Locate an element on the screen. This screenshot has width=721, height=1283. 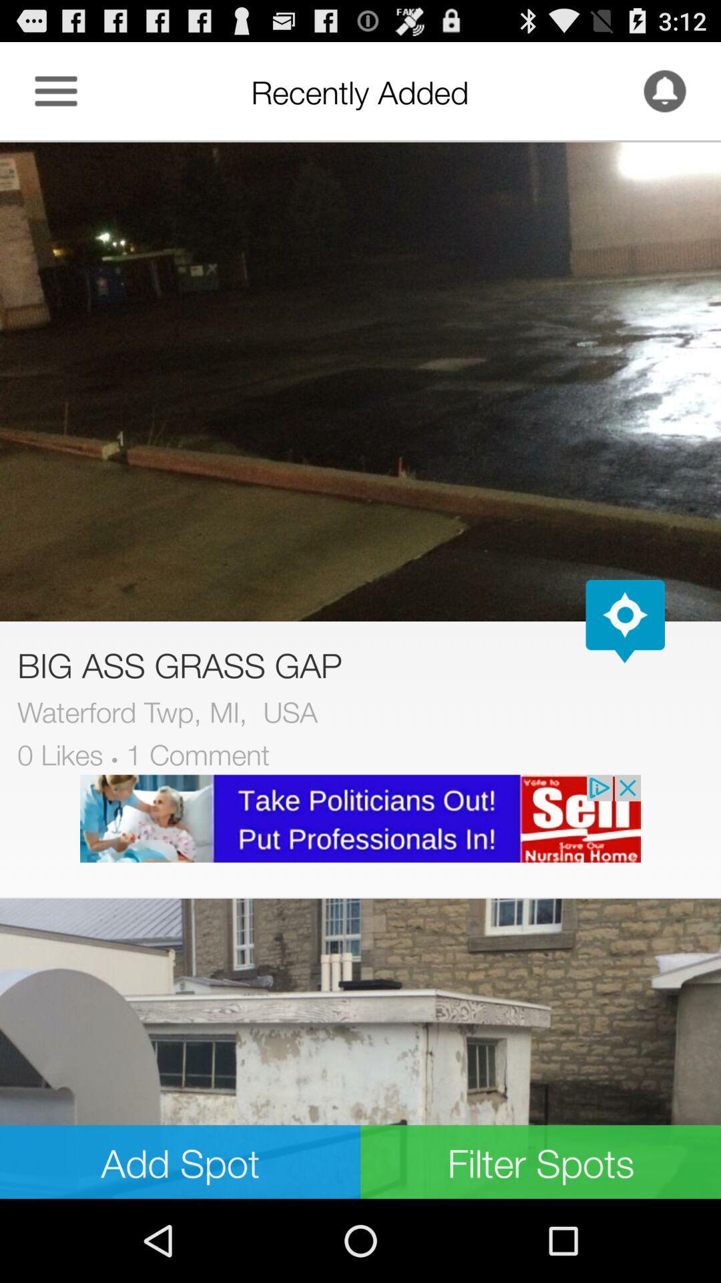
the notifications icon is located at coordinates (664, 97).